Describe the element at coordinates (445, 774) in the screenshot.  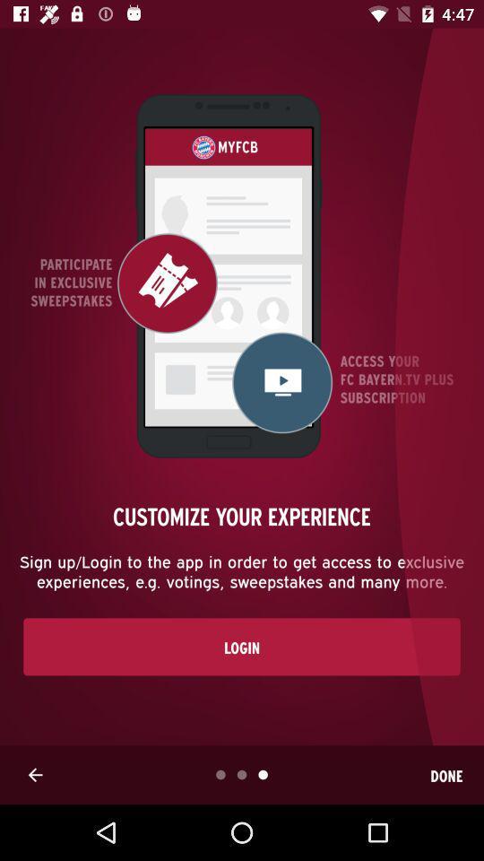
I see `done item` at that location.